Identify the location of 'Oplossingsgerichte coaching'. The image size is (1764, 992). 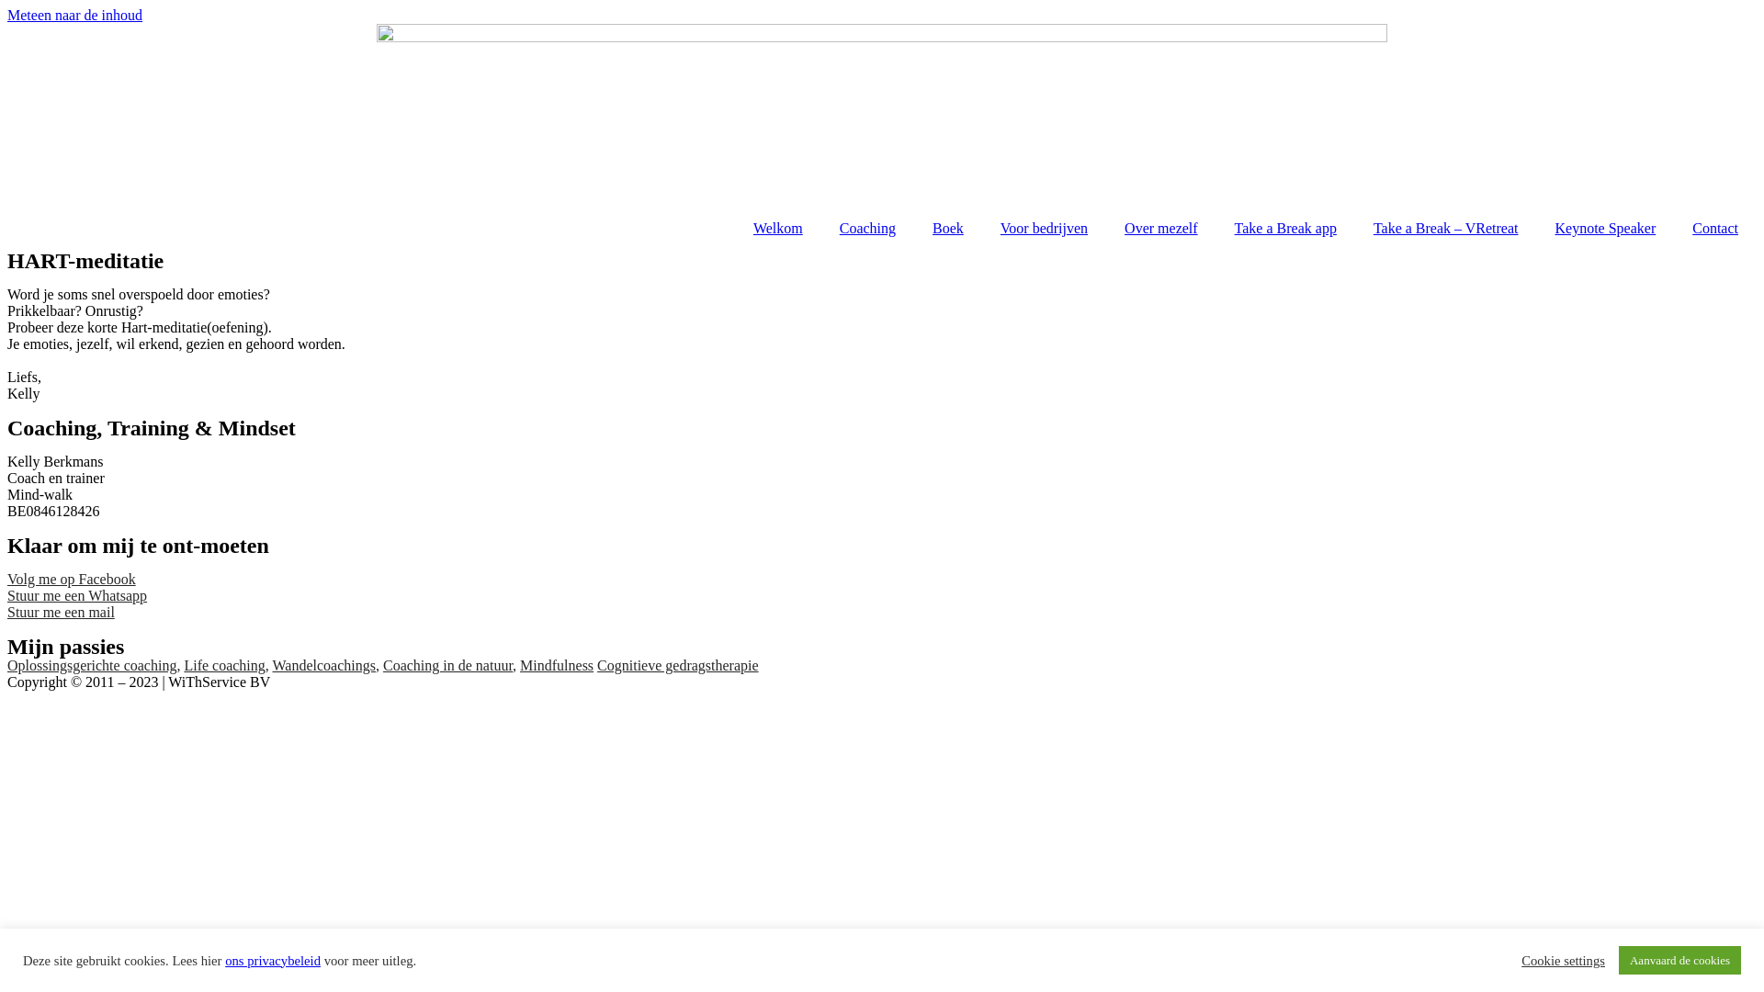
(91, 665).